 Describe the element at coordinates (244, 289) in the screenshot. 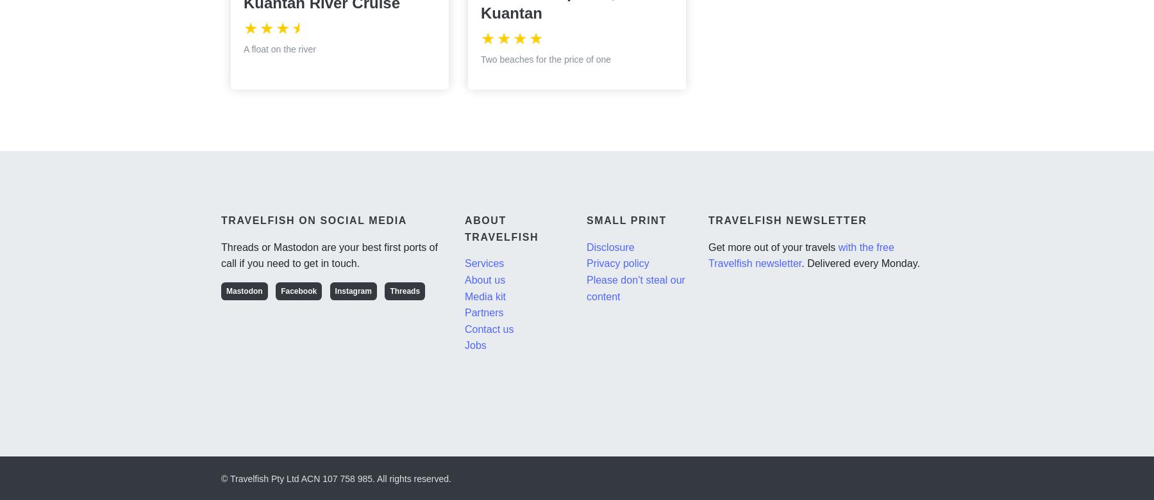

I see `'Mastodon'` at that location.